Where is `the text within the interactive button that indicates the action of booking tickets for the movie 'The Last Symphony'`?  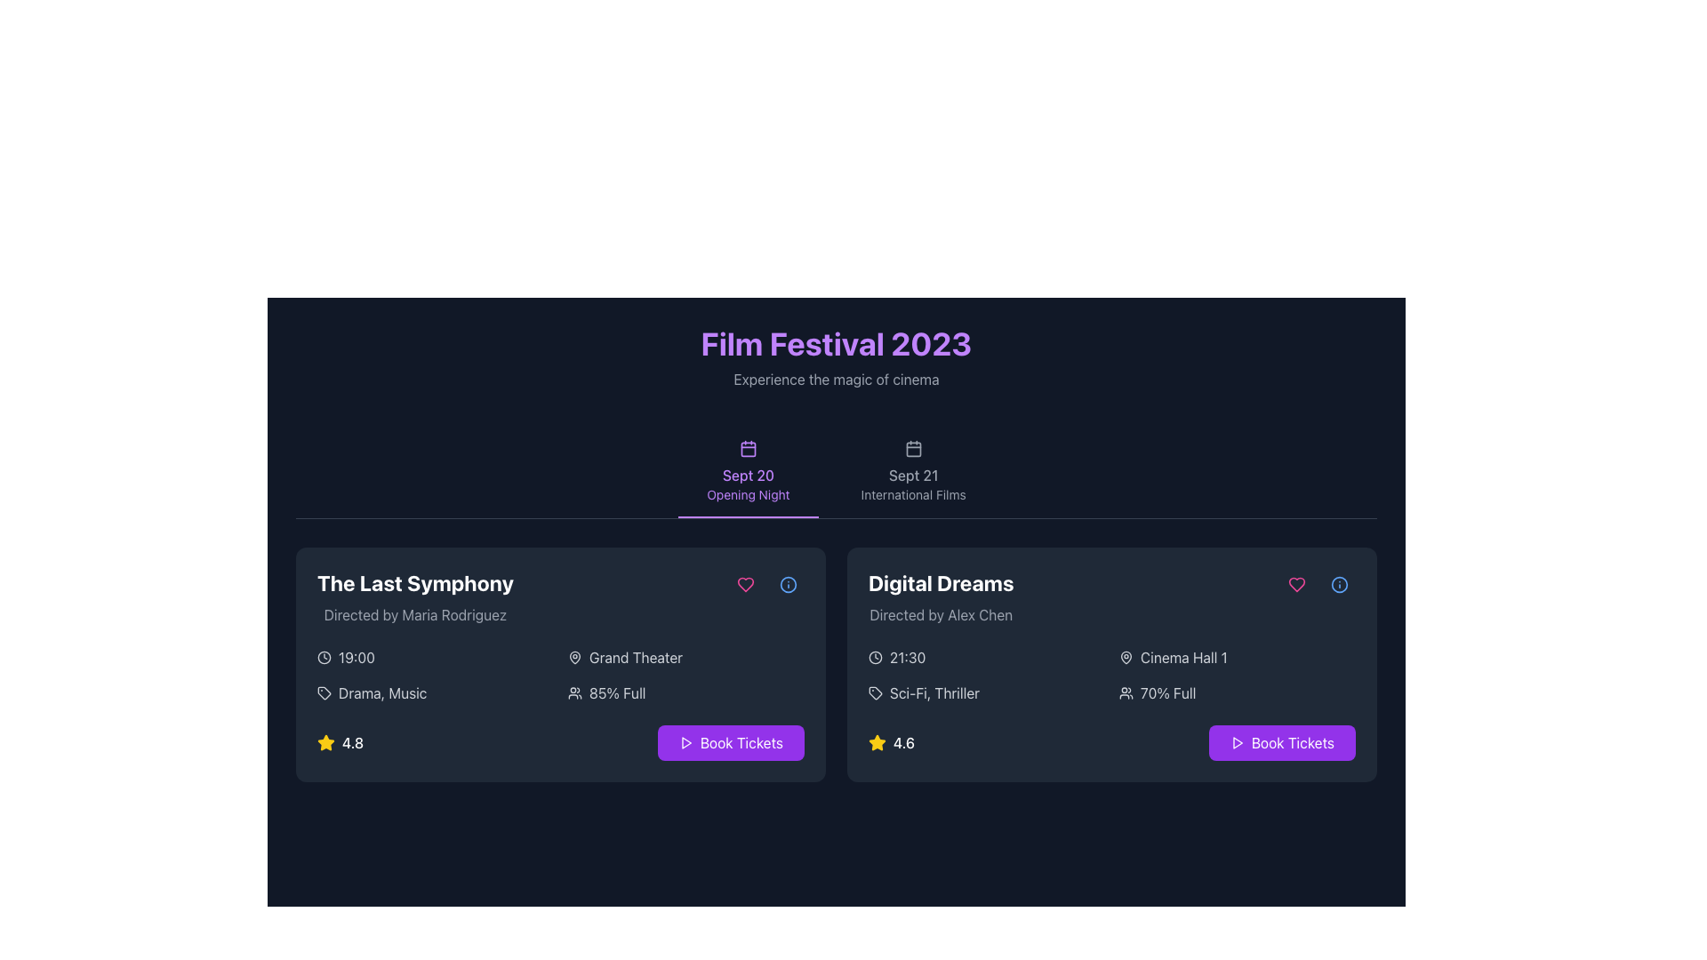 the text within the interactive button that indicates the action of booking tickets for the movie 'The Last Symphony' is located at coordinates (741, 743).